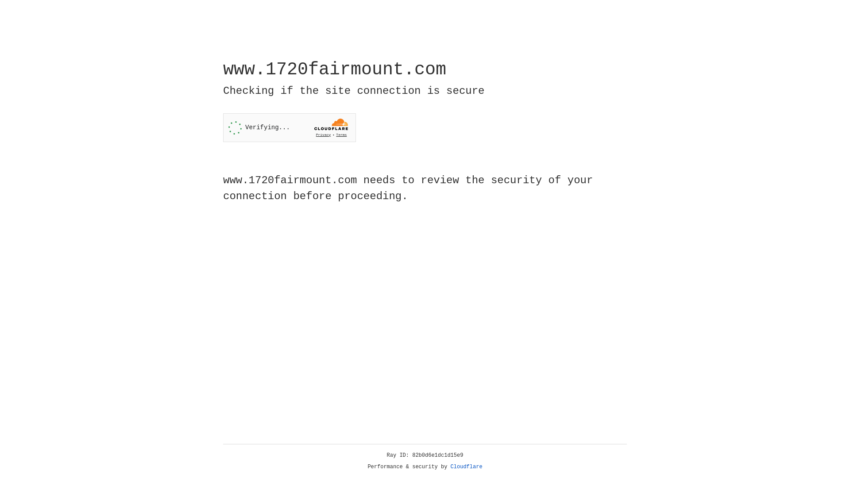 The image size is (850, 478). Describe the element at coordinates (466, 466) in the screenshot. I see `'Cloudflare'` at that location.